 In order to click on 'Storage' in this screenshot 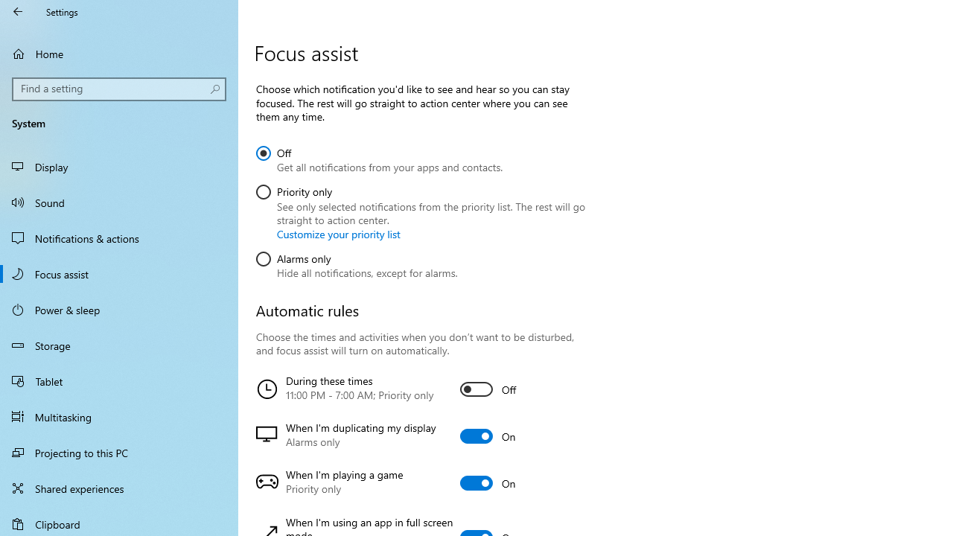, I will do `click(119, 345)`.